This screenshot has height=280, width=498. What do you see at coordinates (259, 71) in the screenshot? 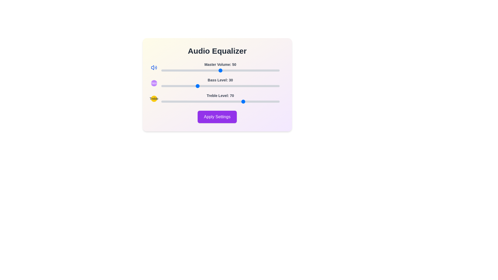
I see `Master Volume` at bounding box center [259, 71].